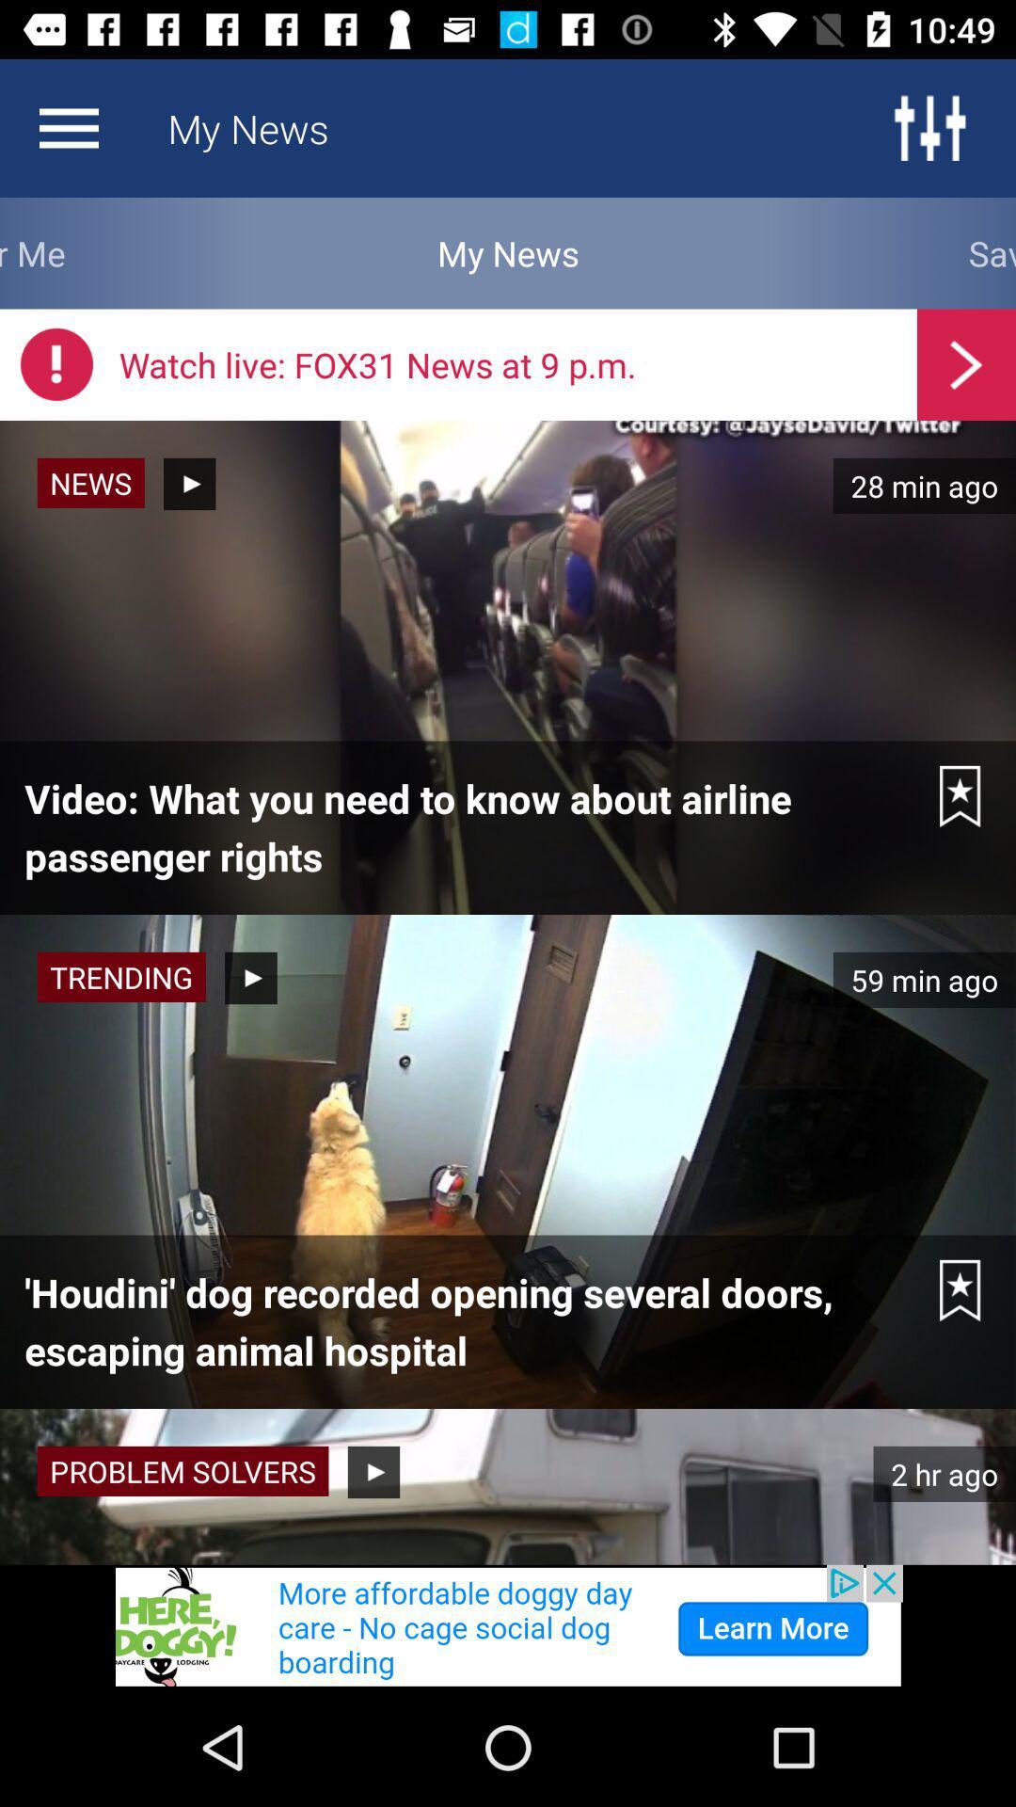  I want to click on brings up menu, so click(68, 127).